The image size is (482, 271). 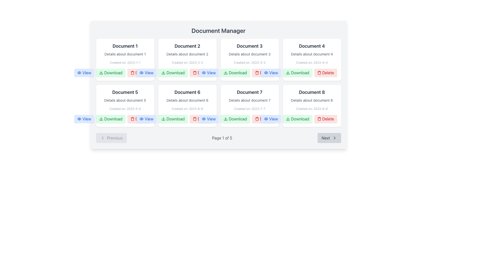 I want to click on the 'View' button with a light blue background and dark blue text in the bottom left corner of the 'Document 5' card, so click(x=84, y=119).